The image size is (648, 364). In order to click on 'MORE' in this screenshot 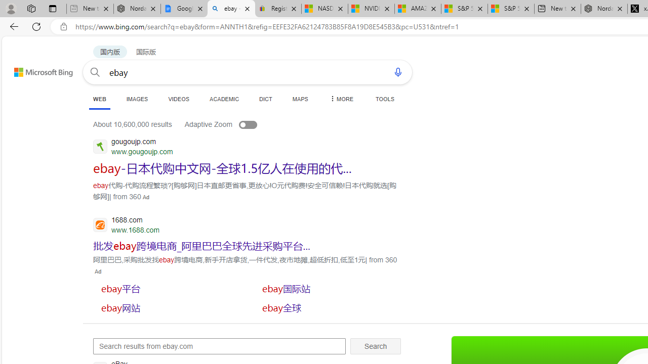, I will do `click(341, 99)`.